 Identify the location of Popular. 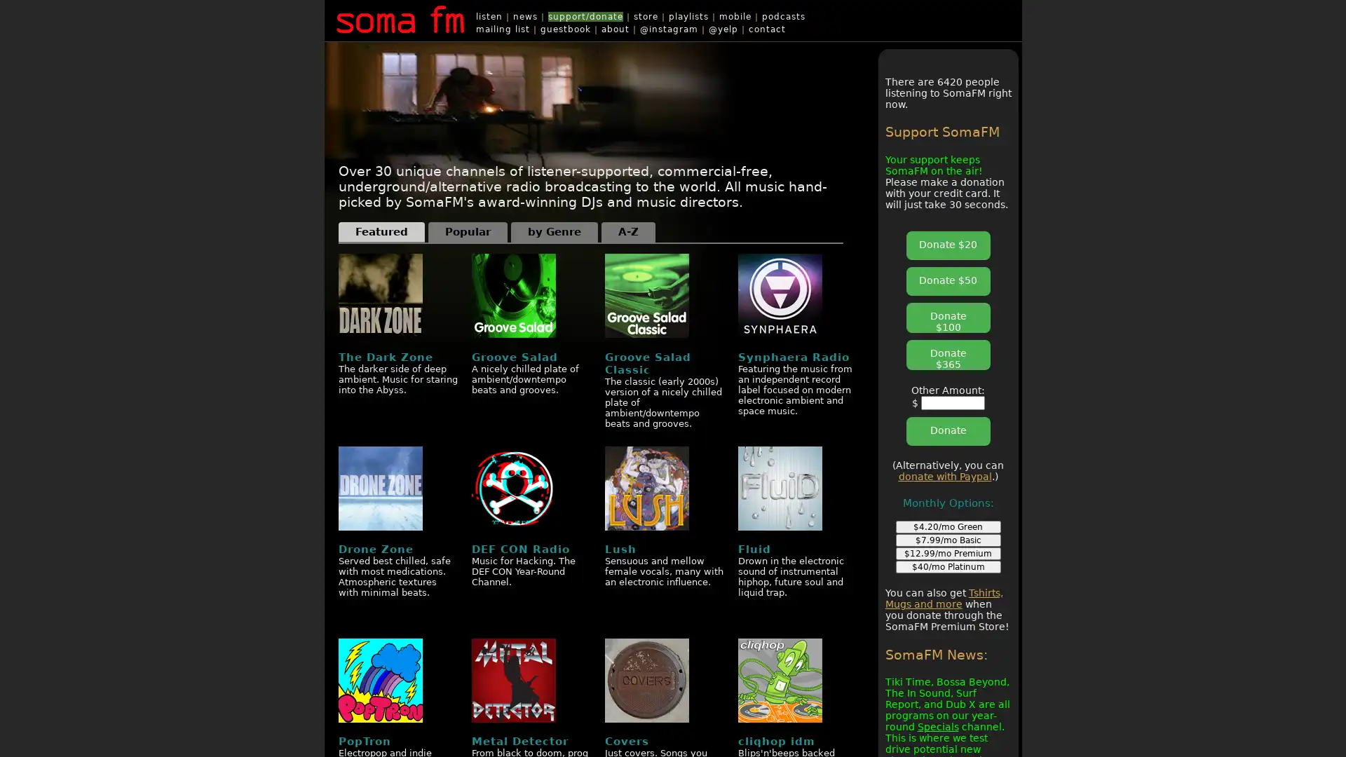
(467, 231).